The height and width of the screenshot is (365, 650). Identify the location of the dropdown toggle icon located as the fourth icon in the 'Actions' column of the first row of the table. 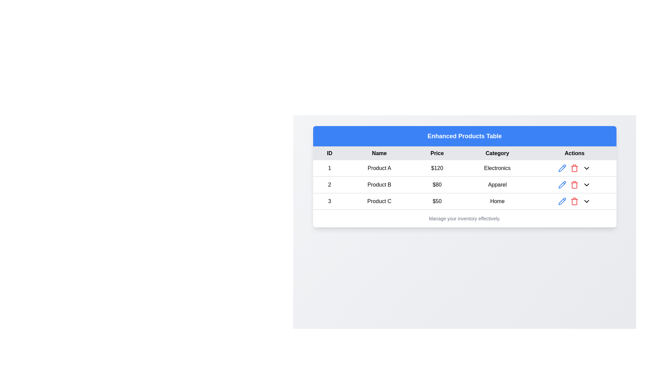
(586, 168).